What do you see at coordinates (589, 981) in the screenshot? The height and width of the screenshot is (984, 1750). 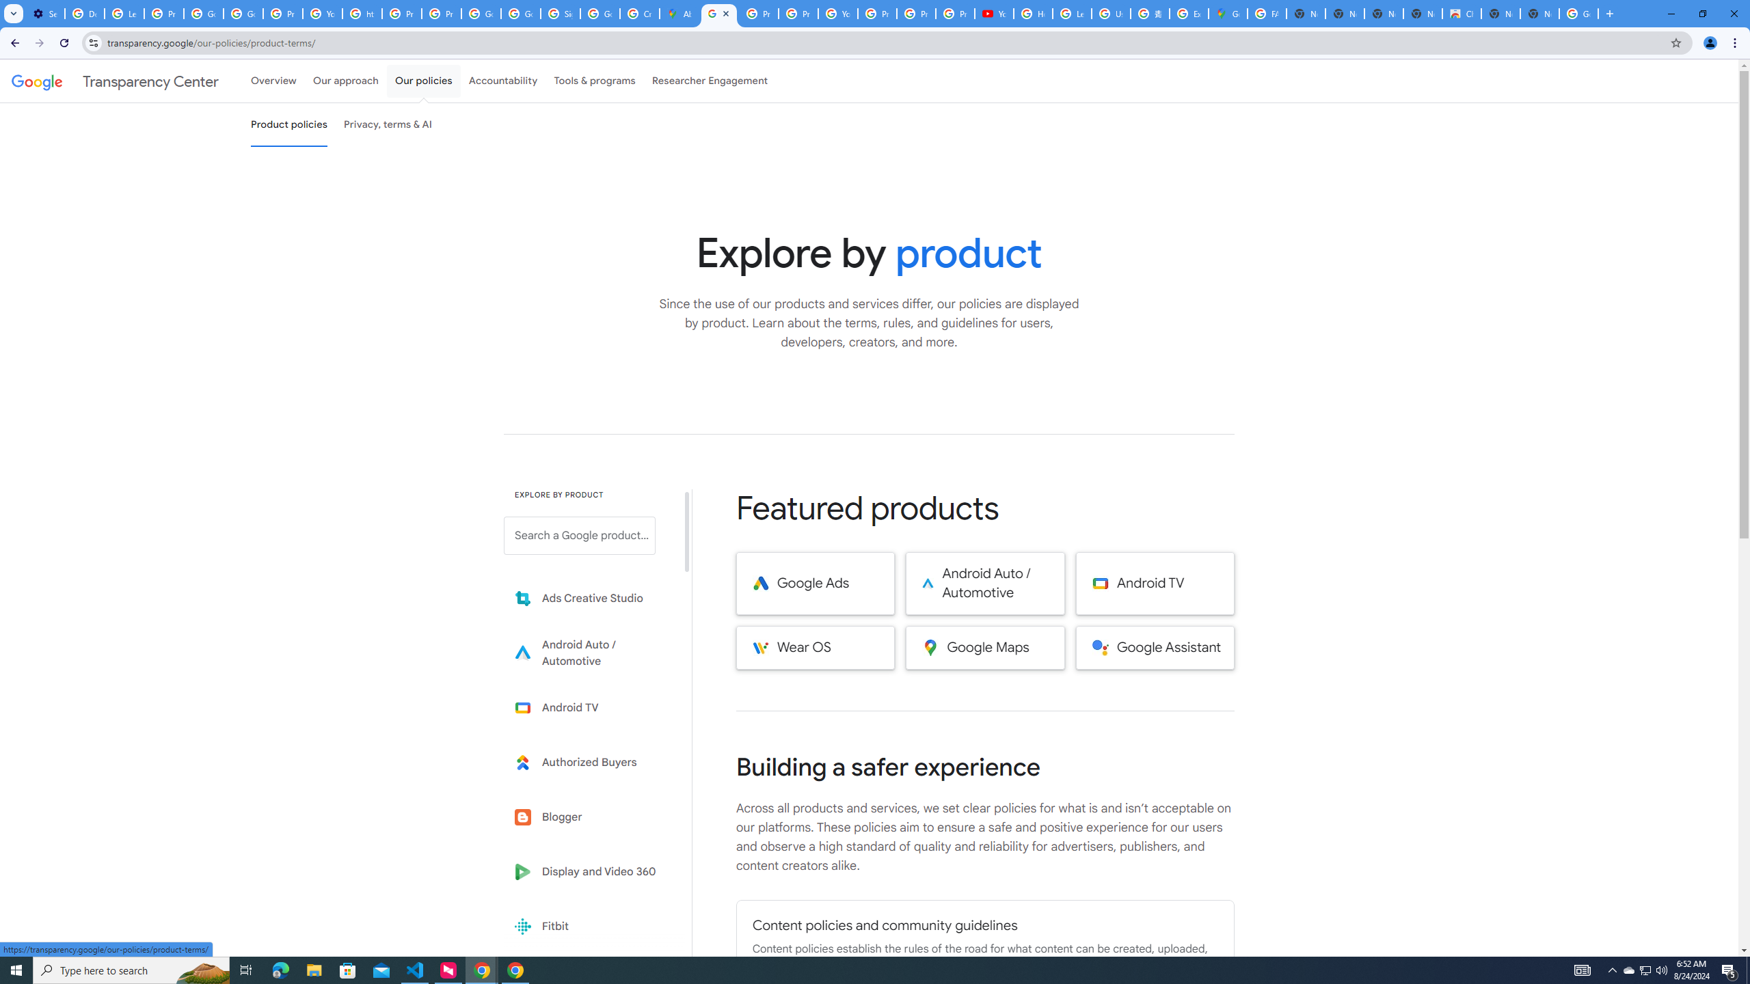 I see `'Kaggle'` at bounding box center [589, 981].